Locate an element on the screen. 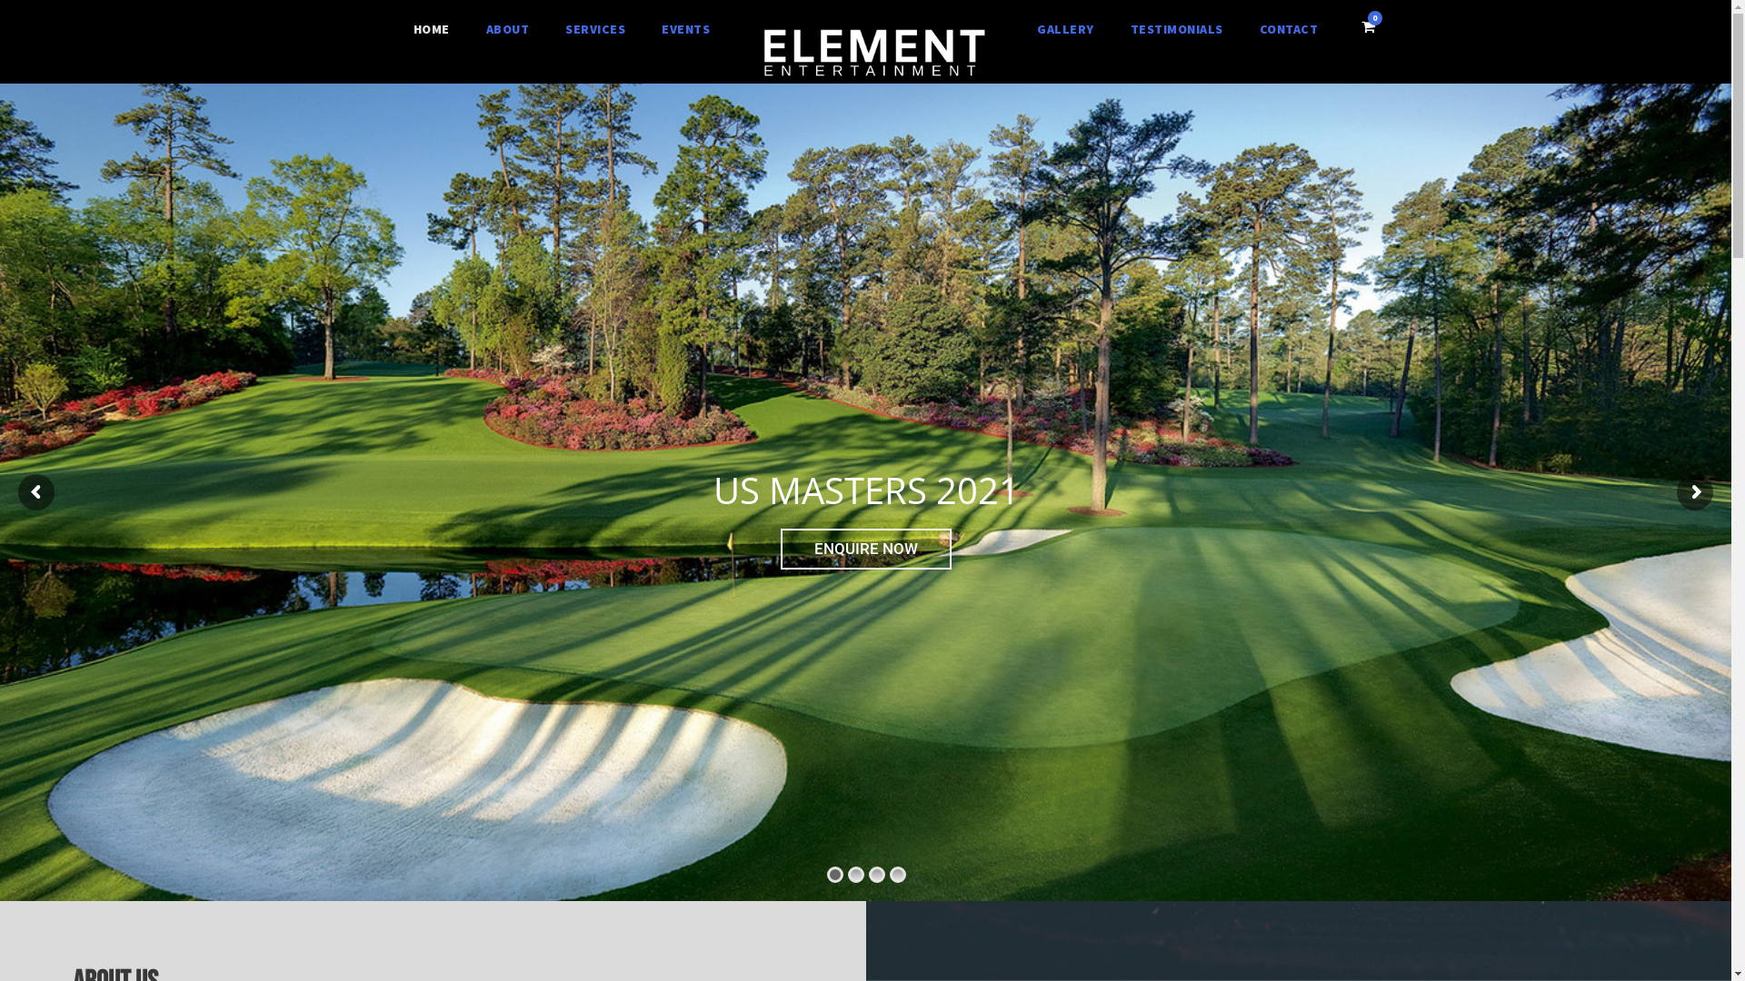  'GALLERY' is located at coordinates (1065, 30).